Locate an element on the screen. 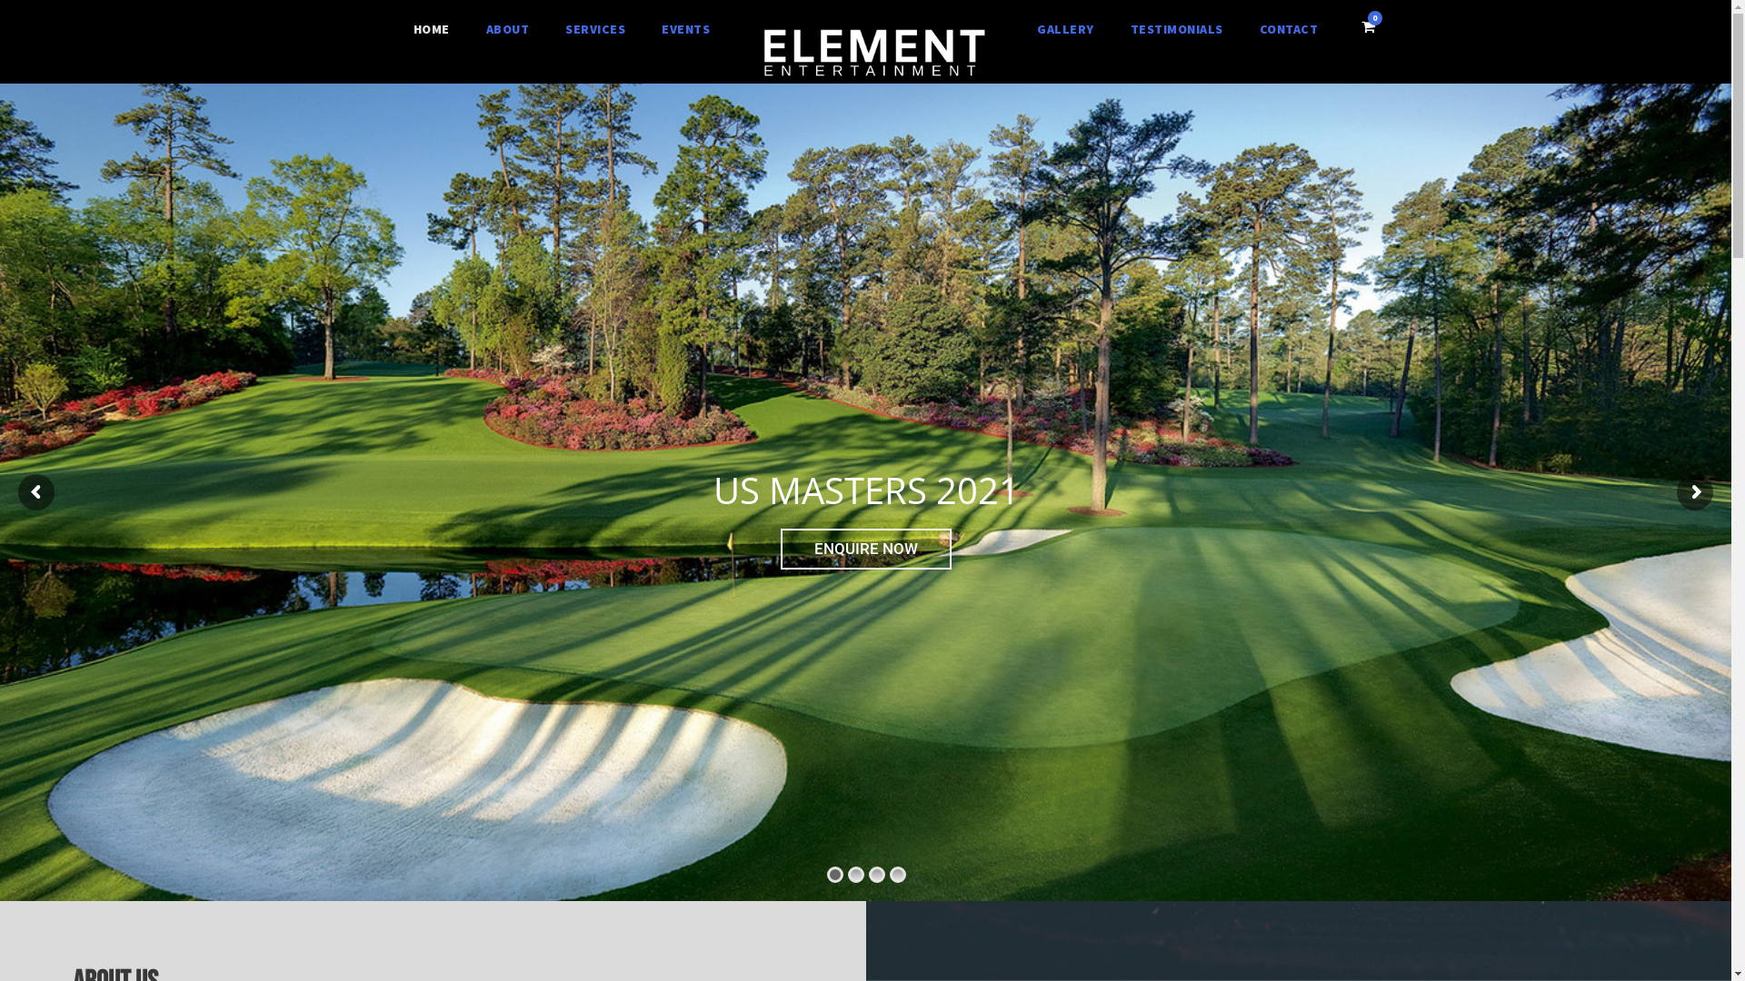  'GALLERY' is located at coordinates (1065, 30).